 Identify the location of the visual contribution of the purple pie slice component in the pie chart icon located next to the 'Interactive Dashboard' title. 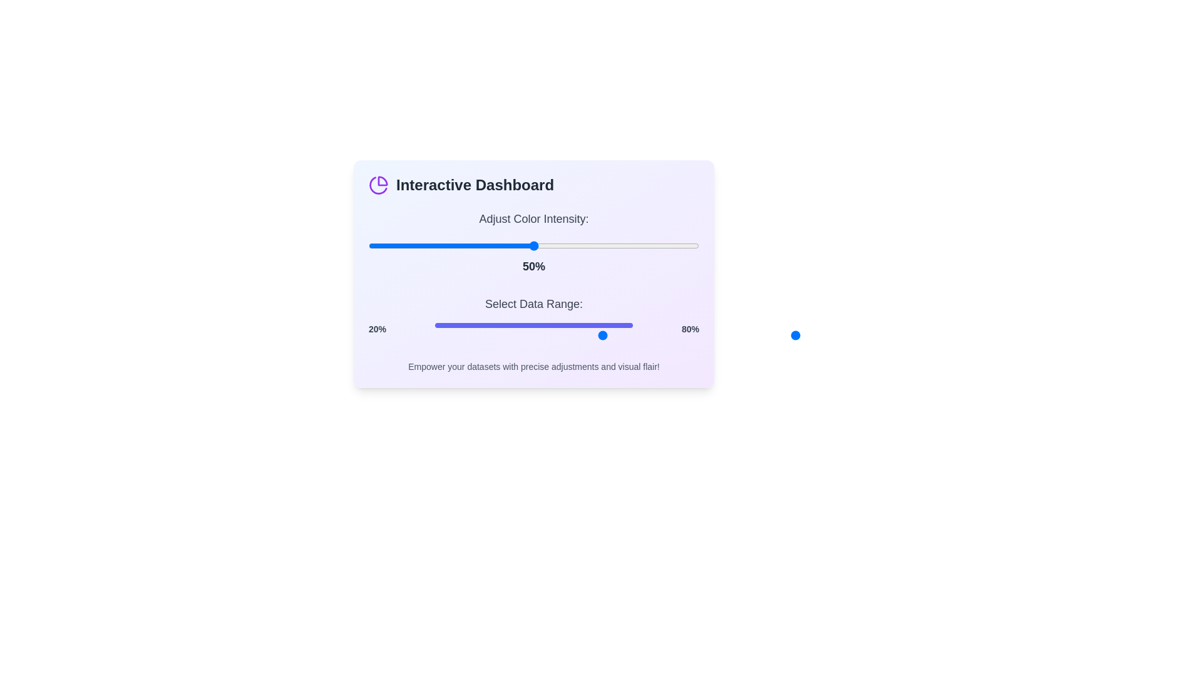
(382, 181).